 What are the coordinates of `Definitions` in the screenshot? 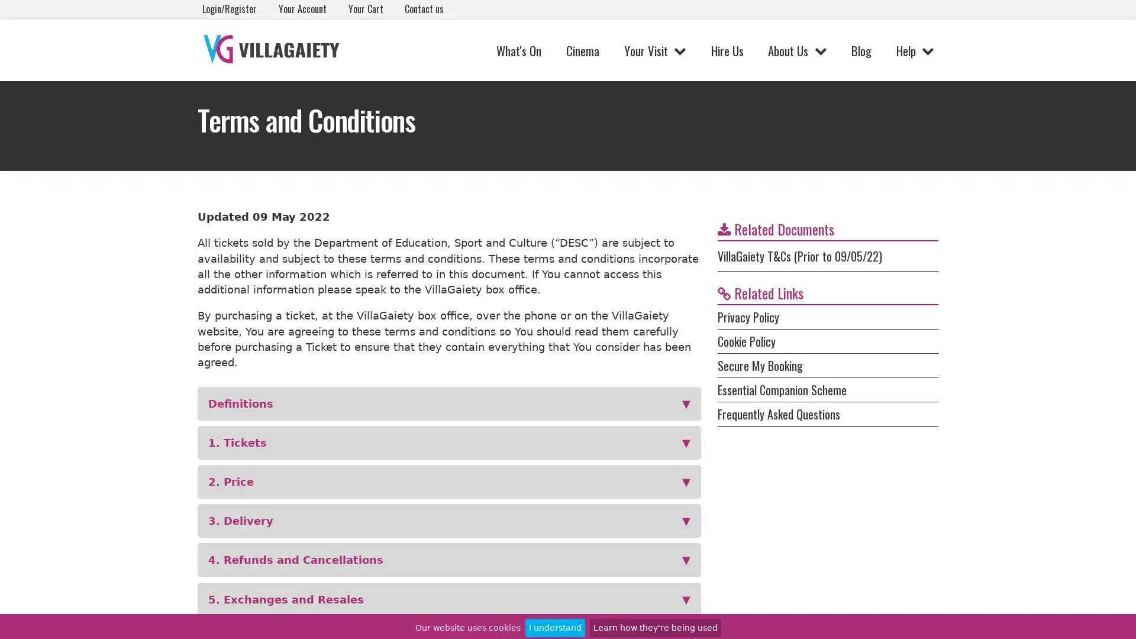 It's located at (448, 403).